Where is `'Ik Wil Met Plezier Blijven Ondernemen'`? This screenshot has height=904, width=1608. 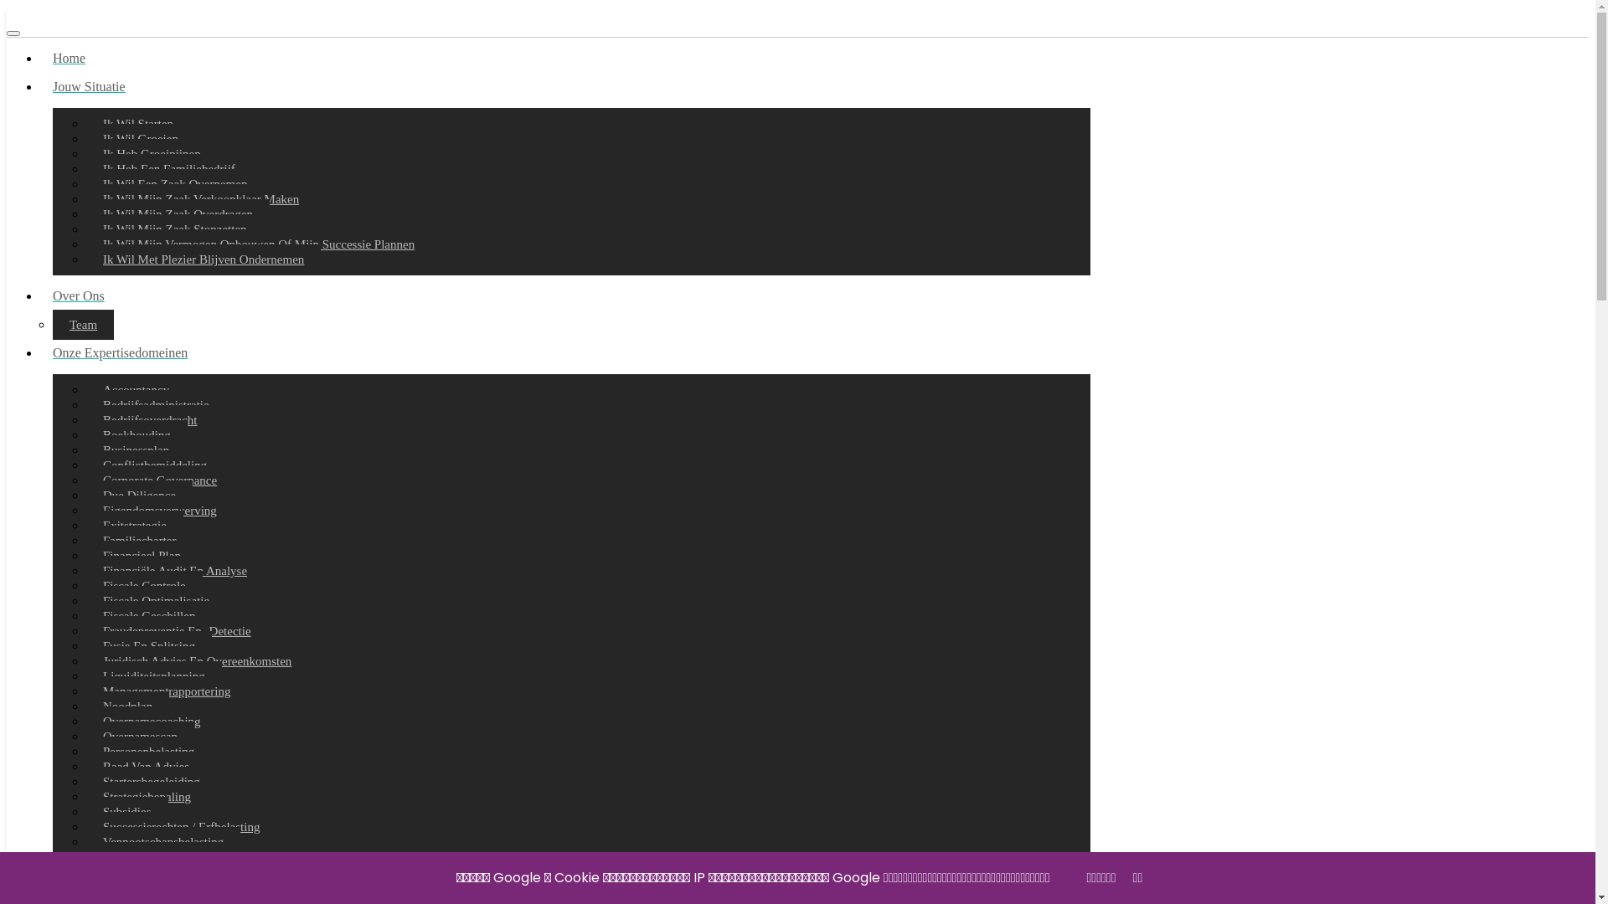
'Ik Wil Met Plezier Blijven Ondernemen' is located at coordinates (203, 259).